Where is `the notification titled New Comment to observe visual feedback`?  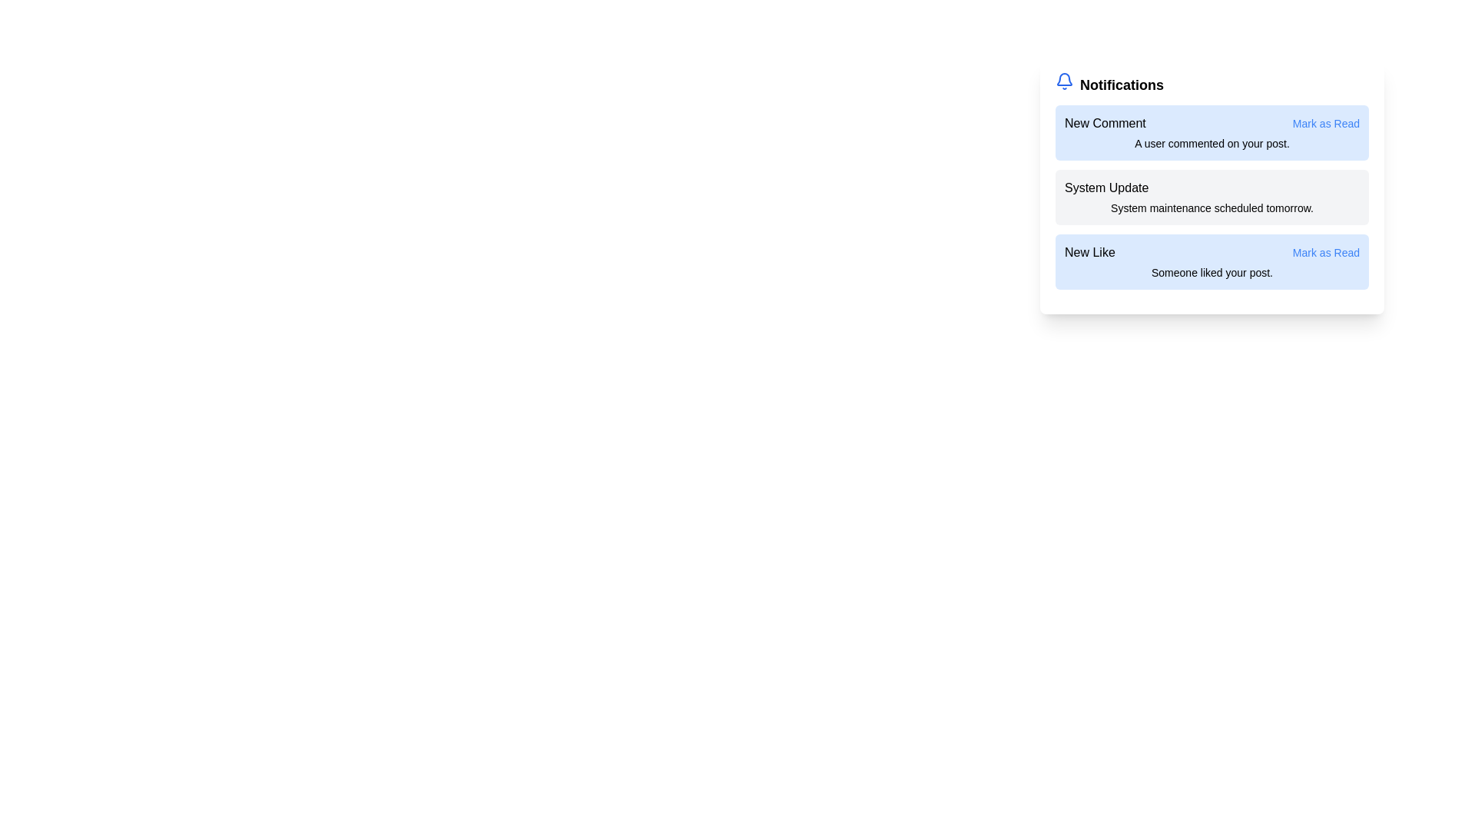
the notification titled New Comment to observe visual feedback is located at coordinates (1211, 132).